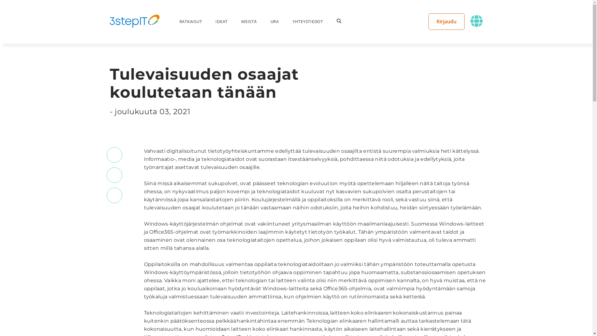  What do you see at coordinates (286, 21) in the screenshot?
I see `'YHTEYSTIEDOT'` at bounding box center [286, 21].